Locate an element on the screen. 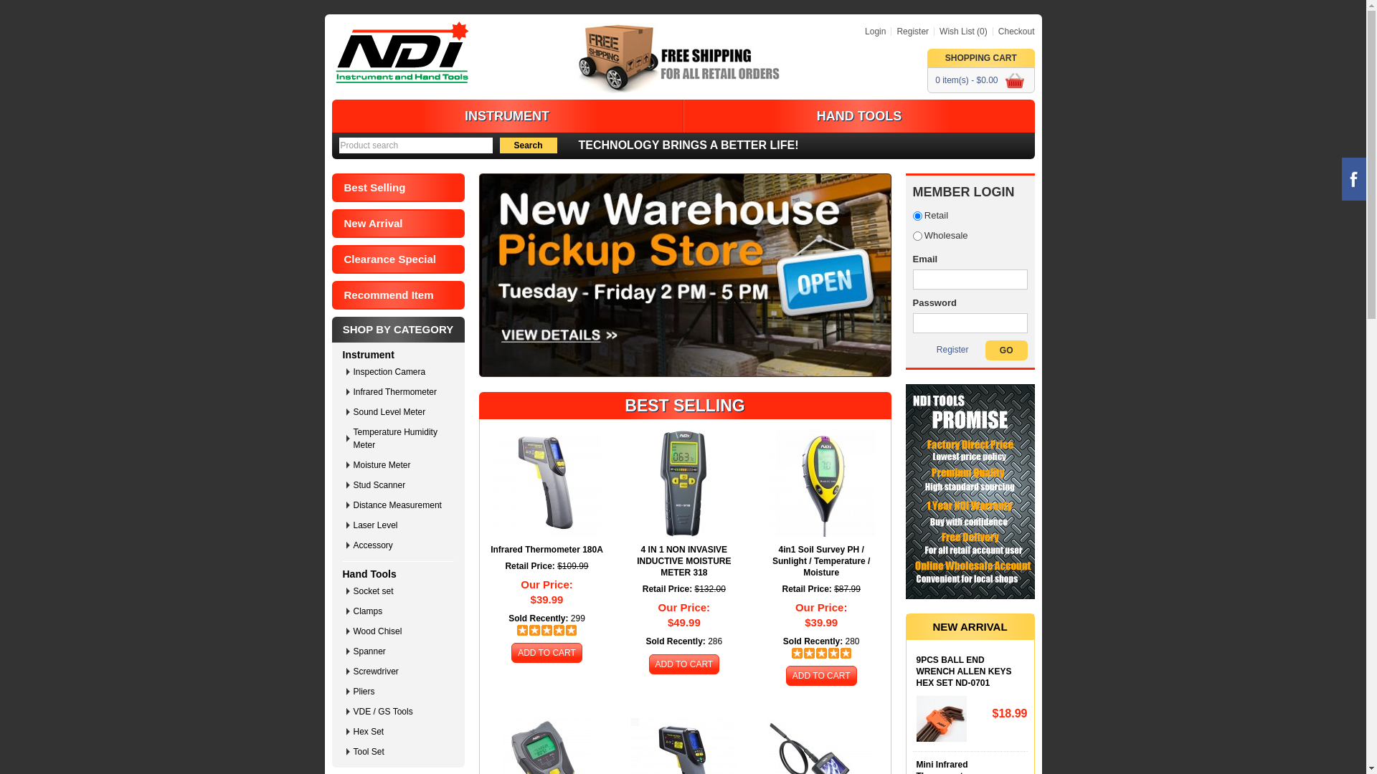 The image size is (1377, 774). 'Distance Measurement' is located at coordinates (401, 505).